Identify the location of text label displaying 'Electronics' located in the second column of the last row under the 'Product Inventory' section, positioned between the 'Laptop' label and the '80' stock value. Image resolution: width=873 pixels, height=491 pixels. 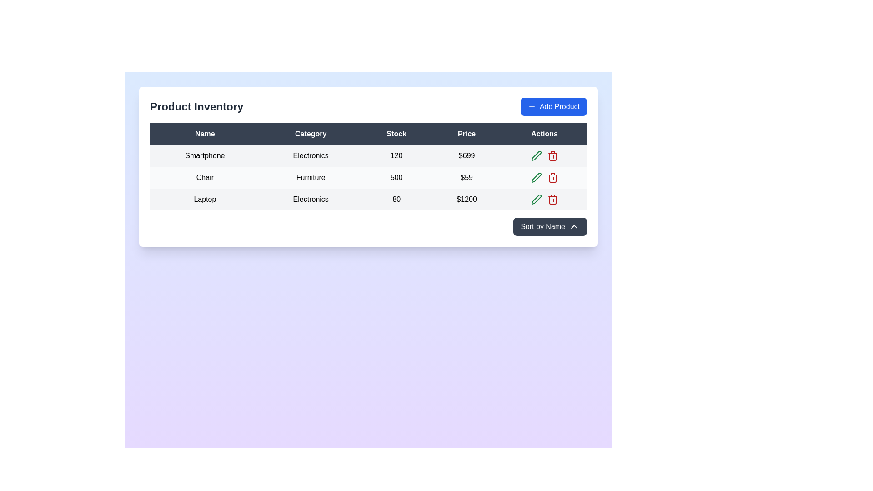
(311, 199).